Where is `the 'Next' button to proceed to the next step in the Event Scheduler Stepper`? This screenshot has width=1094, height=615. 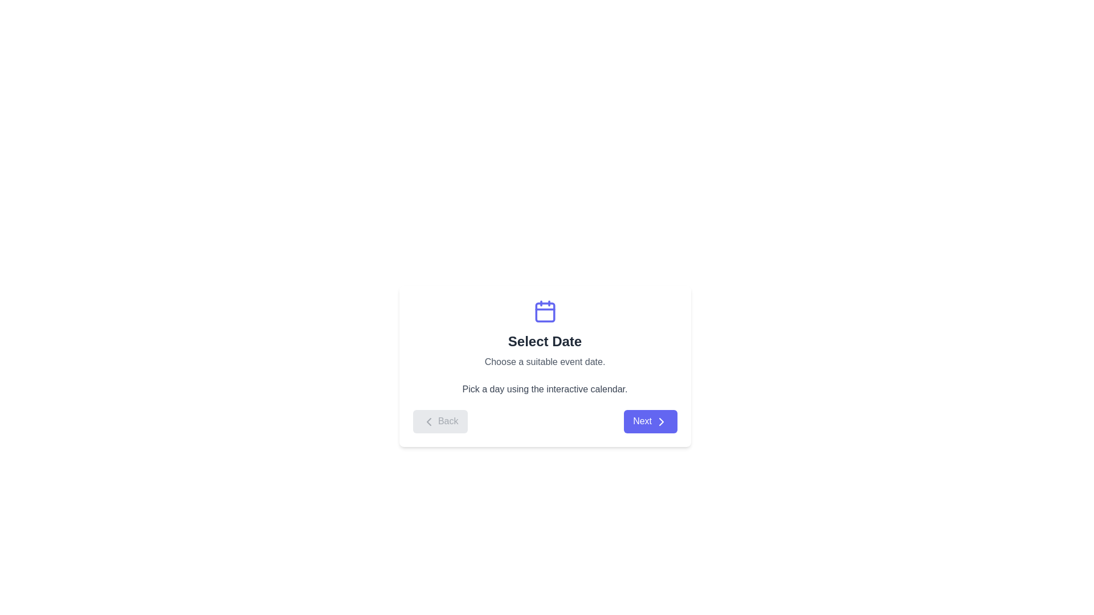
the 'Next' button to proceed to the next step in the Event Scheduler Stepper is located at coordinates (650, 421).